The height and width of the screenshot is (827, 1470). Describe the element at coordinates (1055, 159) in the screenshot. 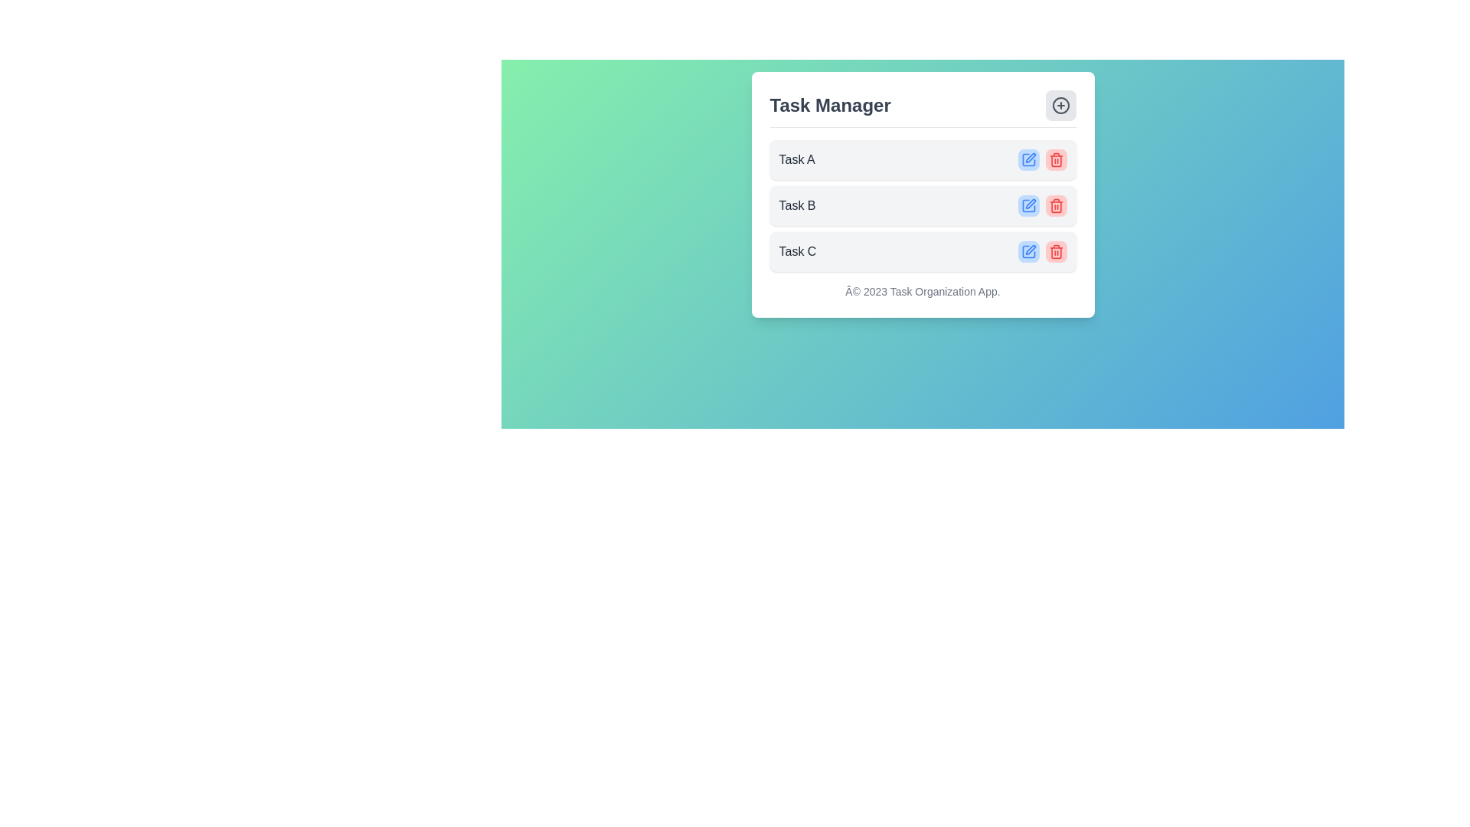

I see `the trash can icon button with a red tint located` at that location.